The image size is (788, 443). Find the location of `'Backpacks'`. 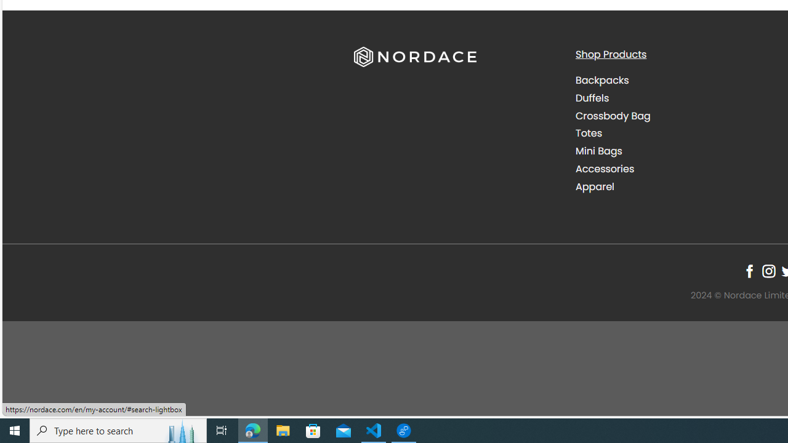

'Backpacks' is located at coordinates (676, 81).